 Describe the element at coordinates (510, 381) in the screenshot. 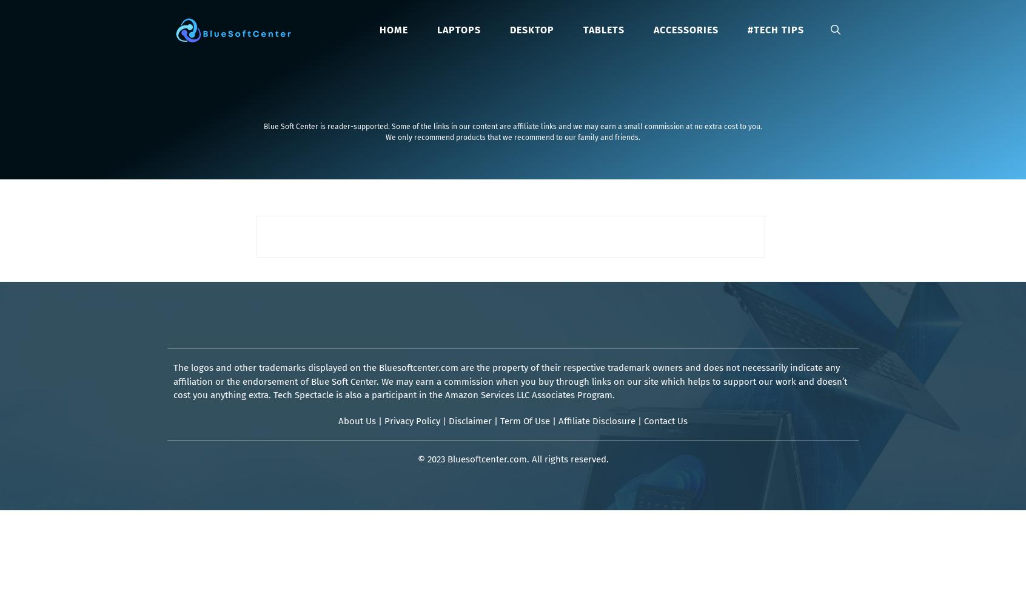

I see `'The logos and other trademarks displayed on the Bluesoftcenter.com are the property of their respective trademark owners and does not necessarily indicate any affiliation or the endorsement of Blue Soft Center. We may earn a commission when you buy through links on our site which helps to support our work and doesn’t cost you anything extra. Tech Spectacle is also a participant in the Amazon Services LLC Associates Program.'` at that location.